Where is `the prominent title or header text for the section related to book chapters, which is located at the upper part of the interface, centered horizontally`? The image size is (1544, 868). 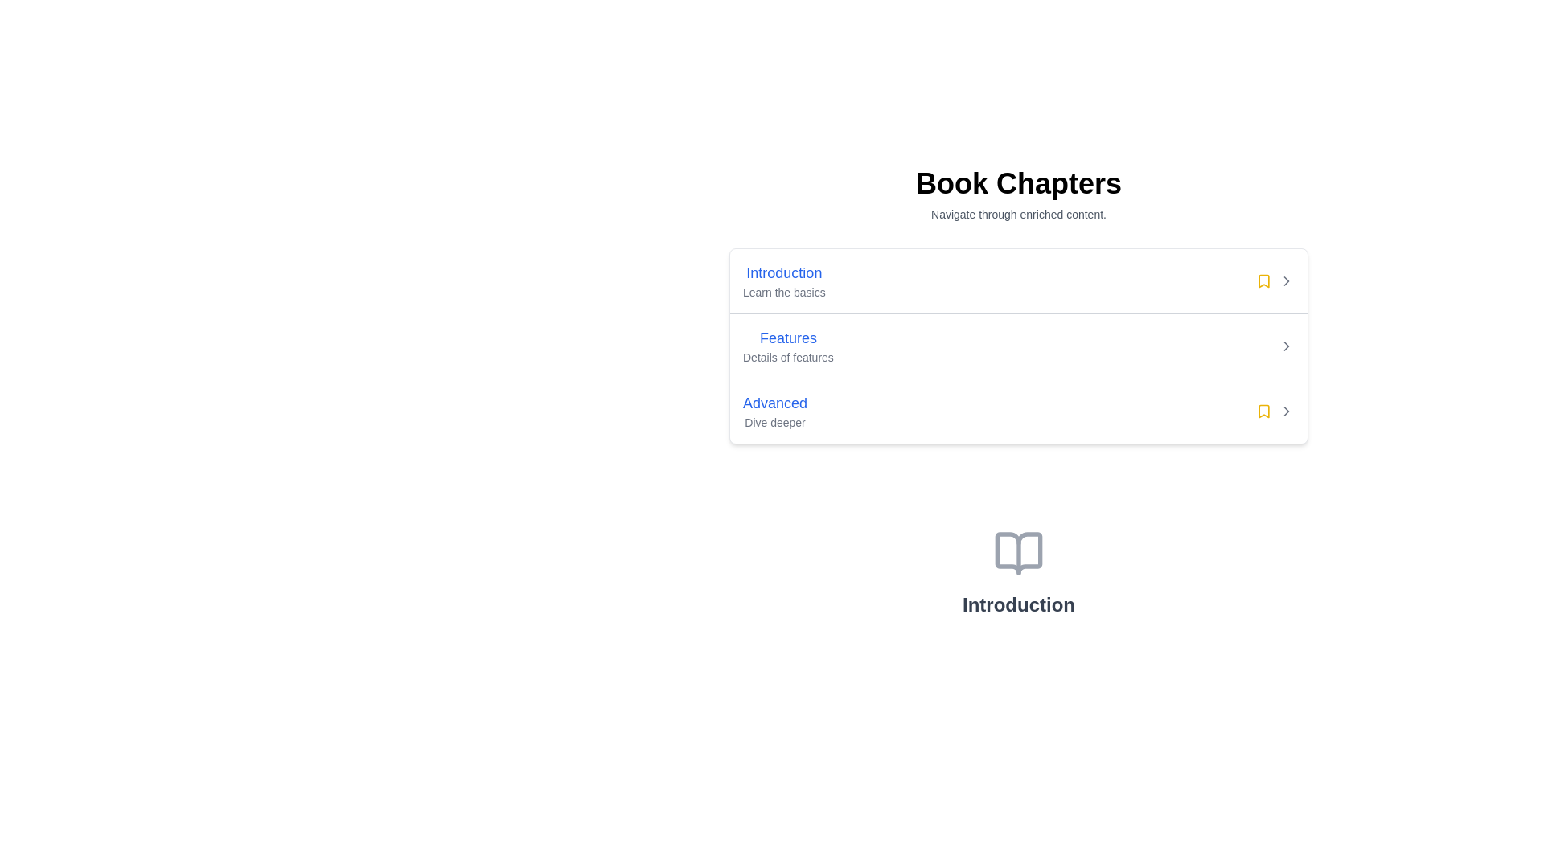
the prominent title or header text for the section related to book chapters, which is located at the upper part of the interface, centered horizontally is located at coordinates (1018, 182).